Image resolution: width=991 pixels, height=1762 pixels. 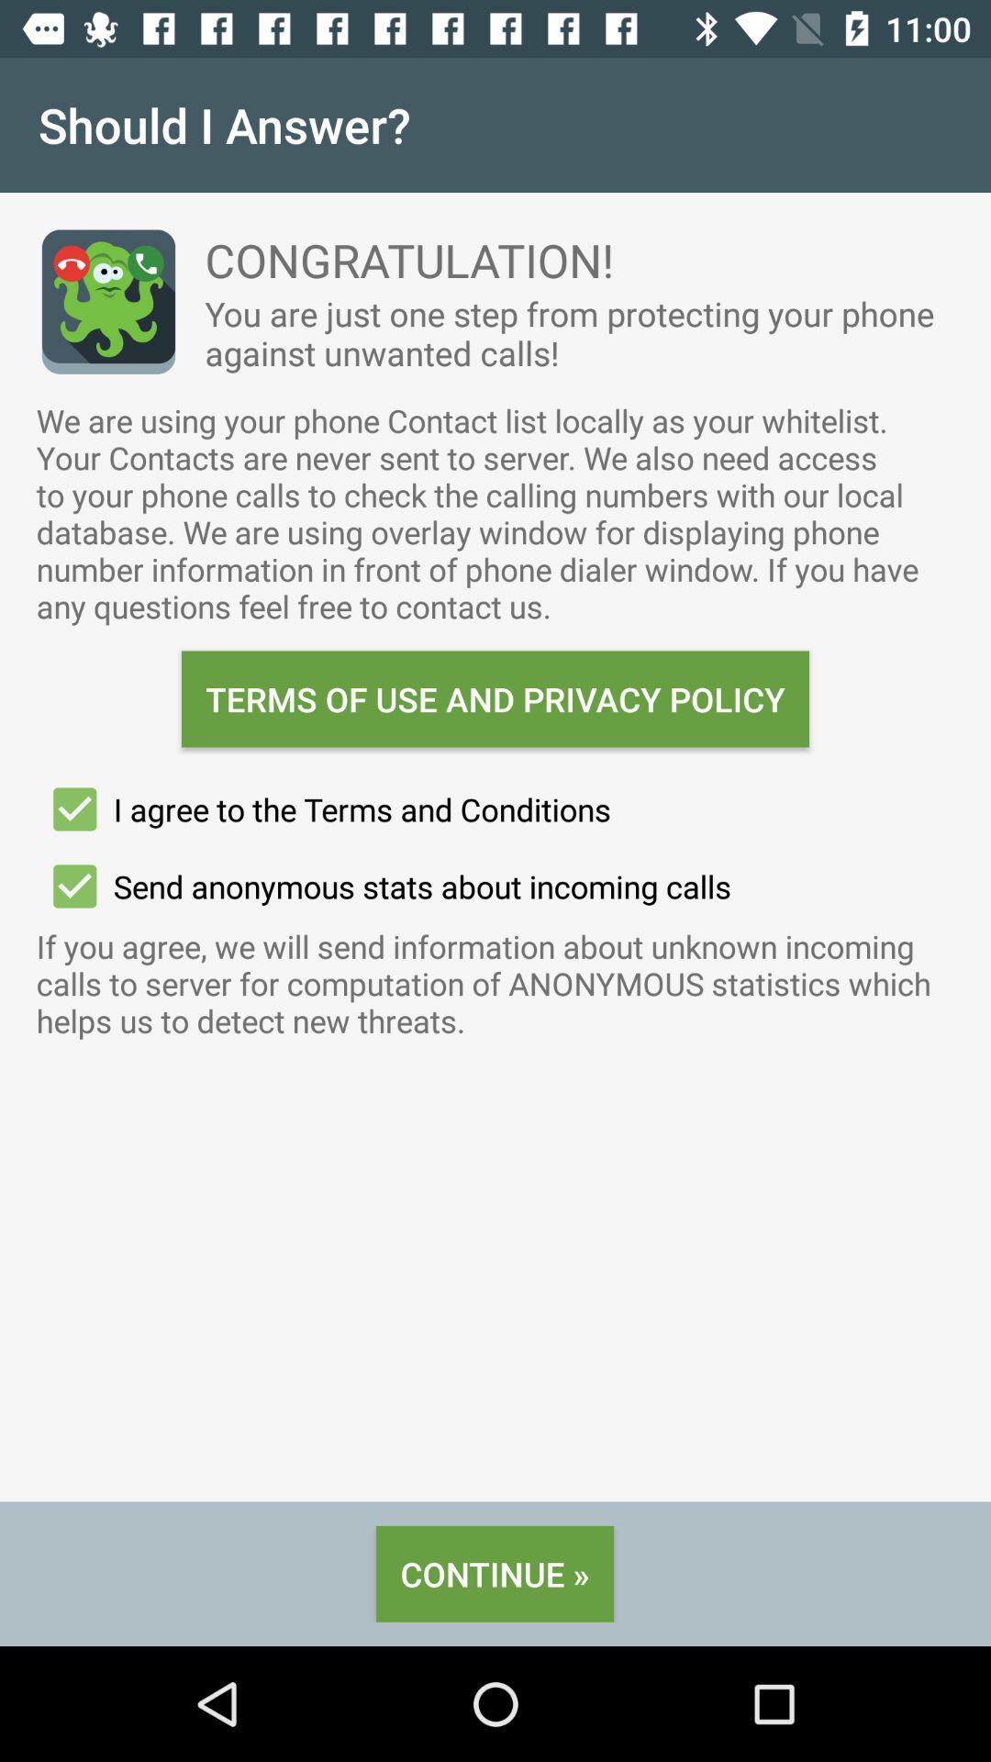 What do you see at coordinates (495, 698) in the screenshot?
I see `icon above i agree to` at bounding box center [495, 698].